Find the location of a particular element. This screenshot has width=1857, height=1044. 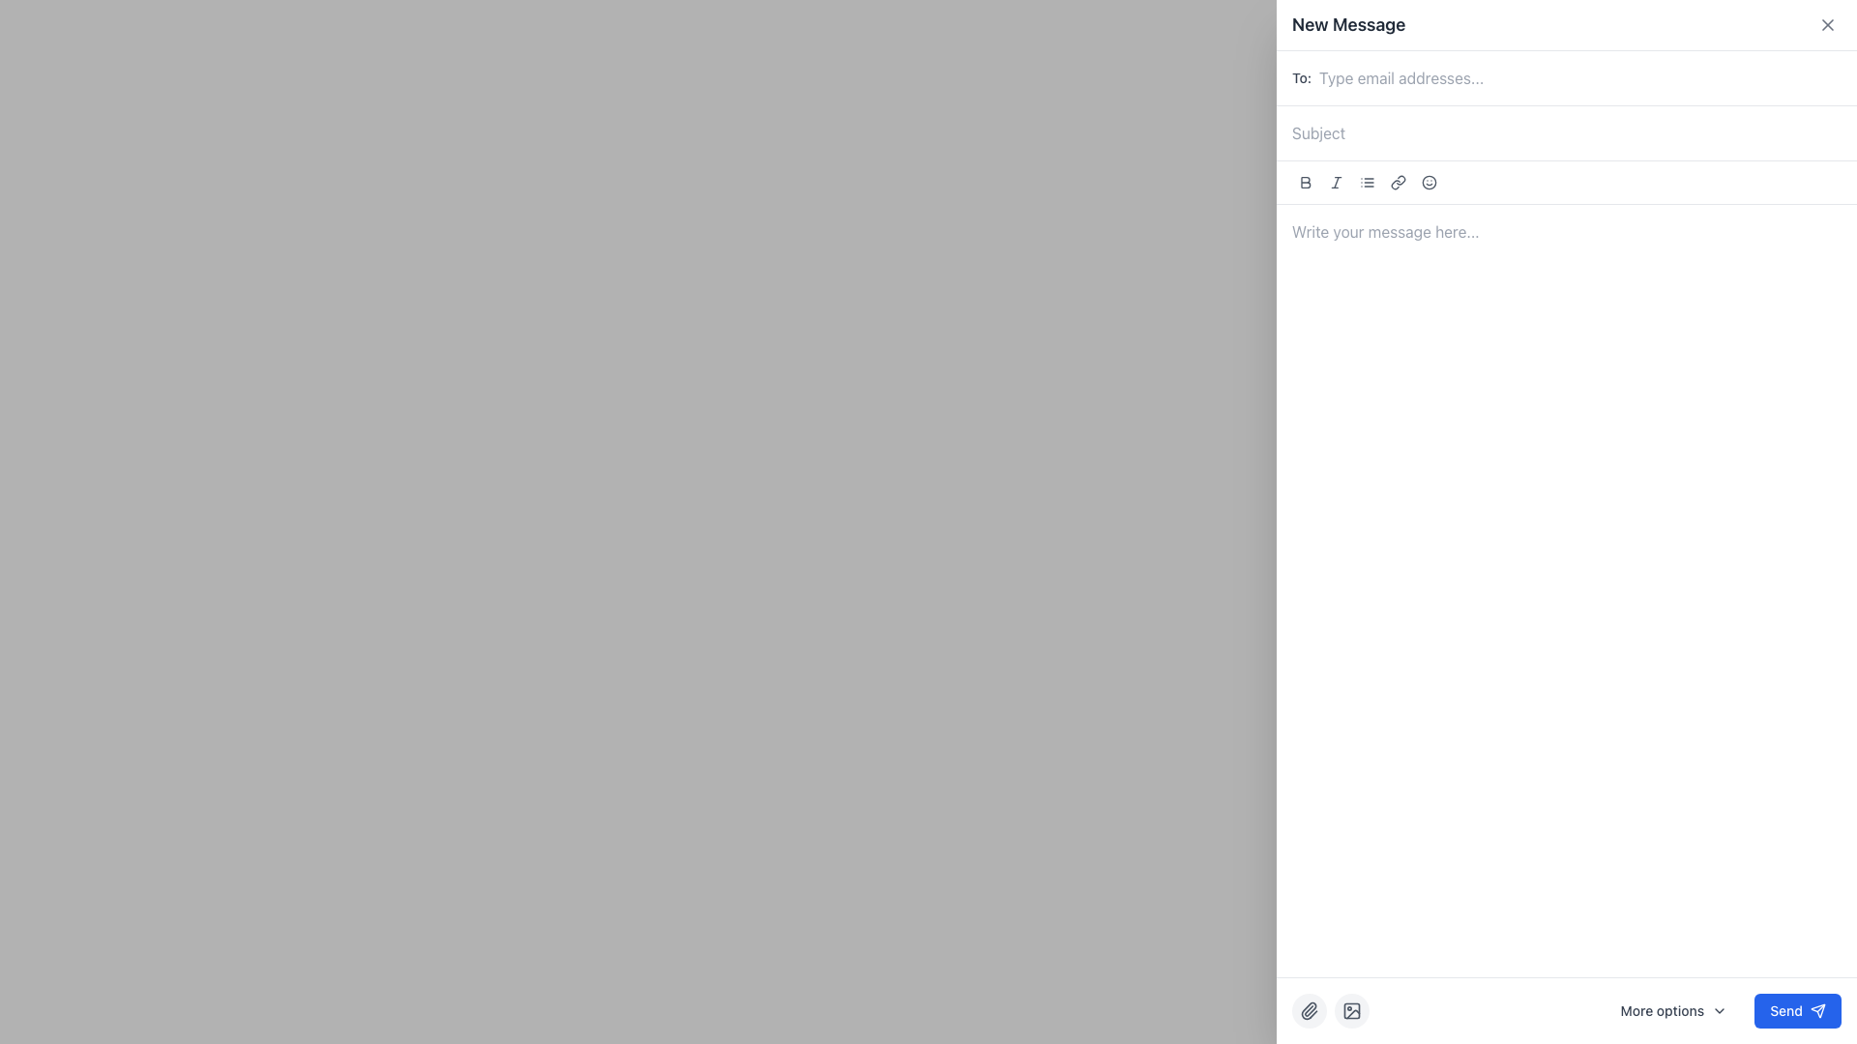

text label at the top-left of the message composition panel, which serves as the heading for composing a new message is located at coordinates (1347, 25).